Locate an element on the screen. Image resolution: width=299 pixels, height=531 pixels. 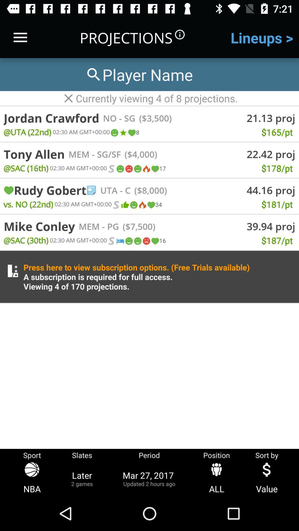
icon to the left of projections item is located at coordinates (20, 37).